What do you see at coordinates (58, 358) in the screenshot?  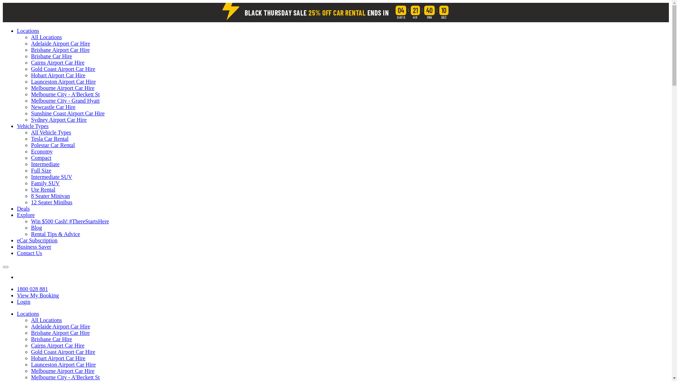 I see `'Hobart Airport Car Hire'` at bounding box center [58, 358].